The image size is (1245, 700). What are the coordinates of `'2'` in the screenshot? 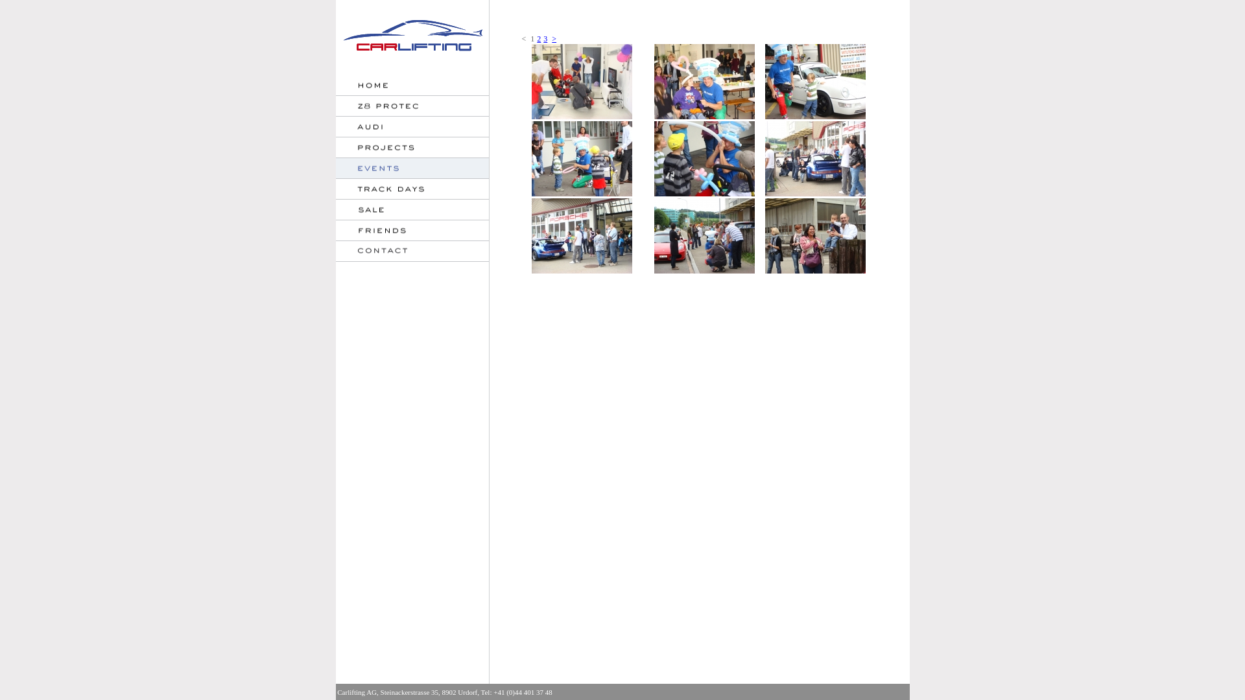 It's located at (538, 38).